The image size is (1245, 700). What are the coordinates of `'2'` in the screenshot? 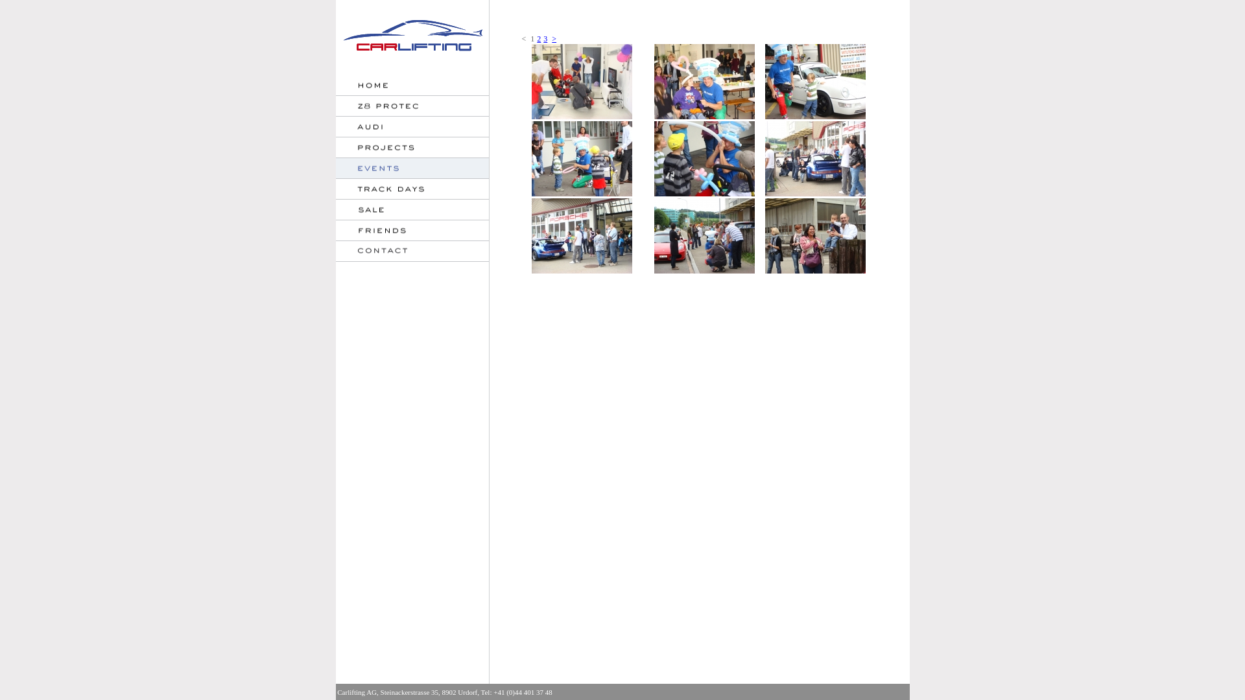 It's located at (538, 38).